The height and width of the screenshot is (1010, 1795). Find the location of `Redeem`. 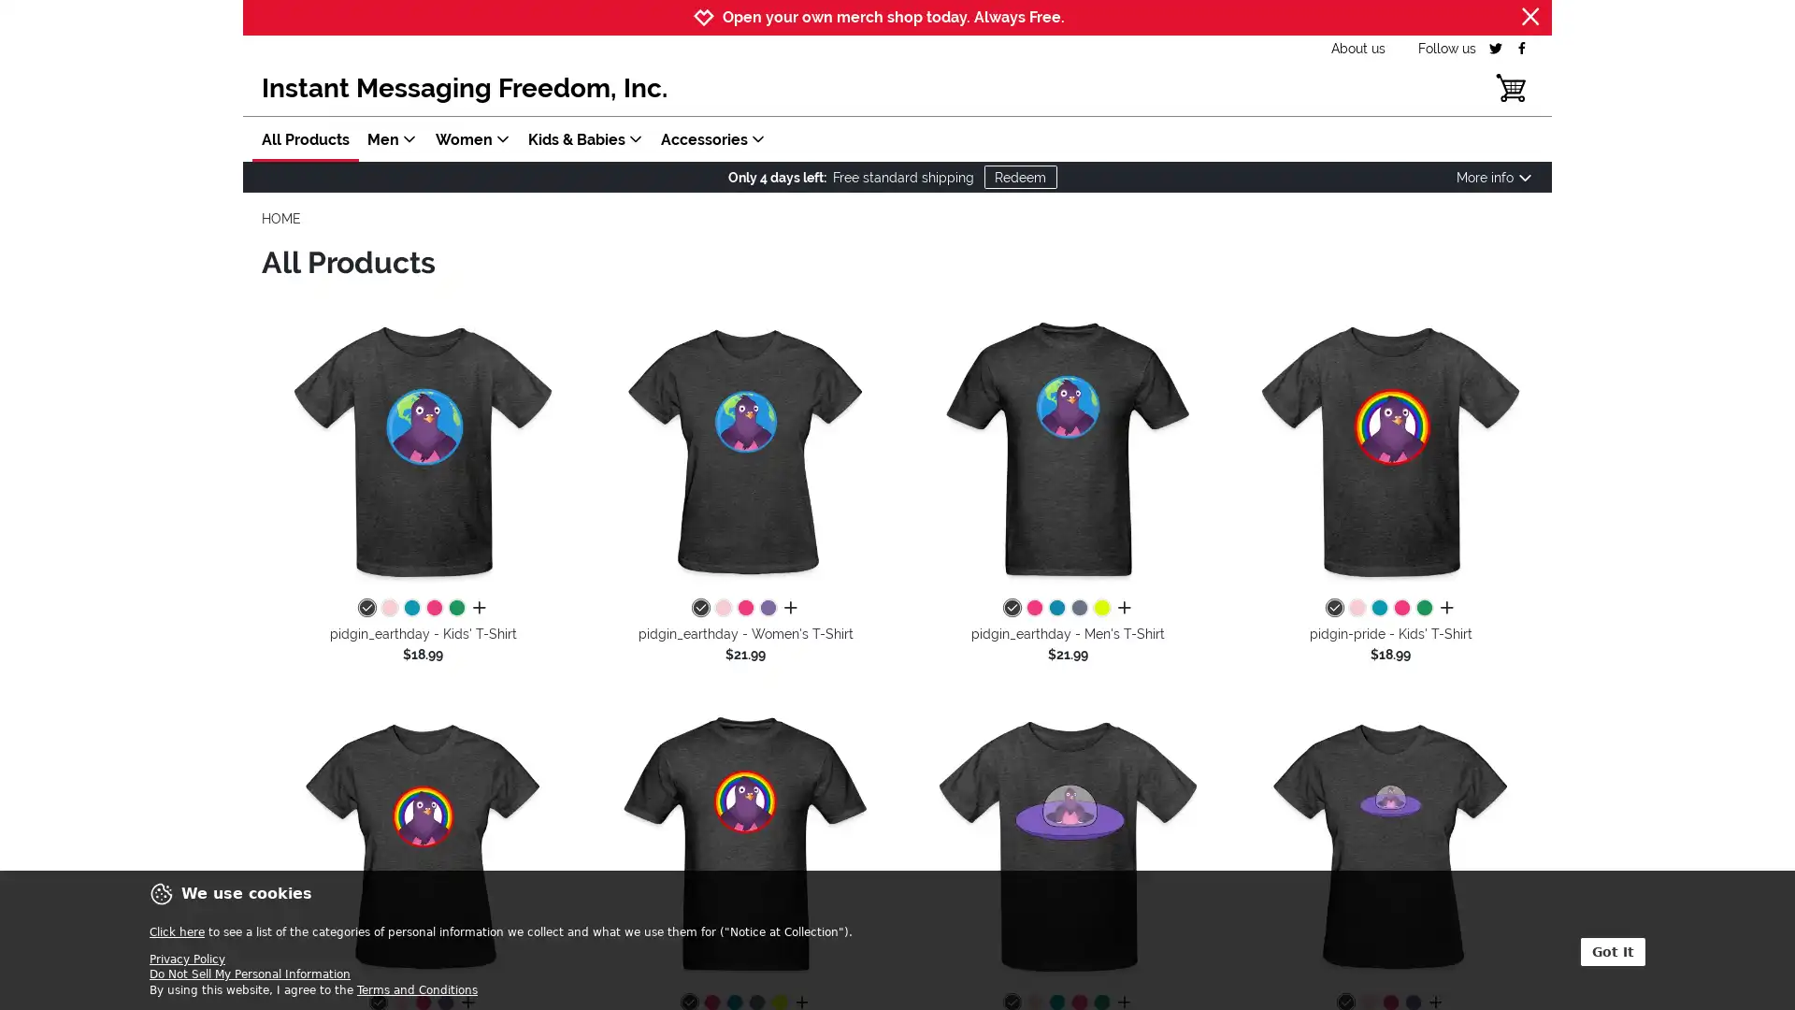

Redeem is located at coordinates (1018, 177).